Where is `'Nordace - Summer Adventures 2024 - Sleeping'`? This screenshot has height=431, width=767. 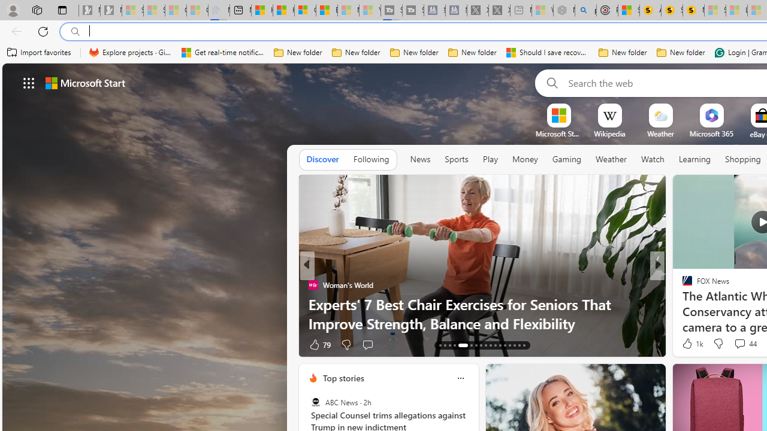
'Nordace - Summer Adventures 2024 - Sleeping' is located at coordinates (563, 10).